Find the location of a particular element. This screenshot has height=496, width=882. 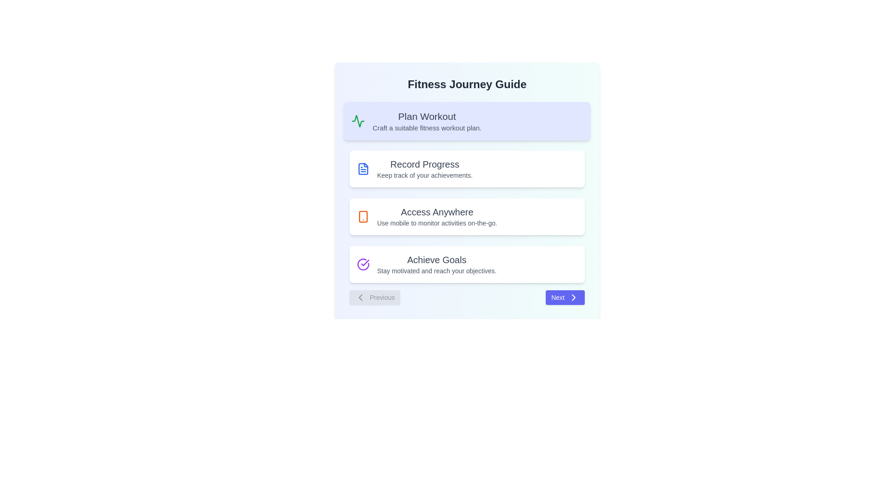

the text label that says 'Stay motivated and reach your objectives.' located below the heading 'Achieve Goals' in the fourth card from the top is located at coordinates (436, 271).